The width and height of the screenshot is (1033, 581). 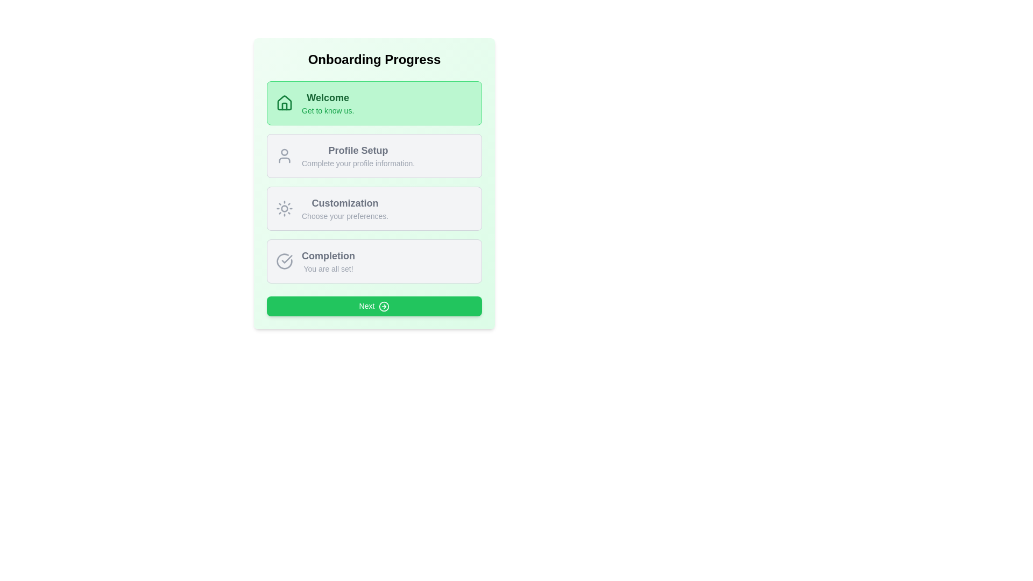 I want to click on informational text located in the 'Profile Setup' section directly below the 'Profile Setup' header, so click(x=358, y=164).